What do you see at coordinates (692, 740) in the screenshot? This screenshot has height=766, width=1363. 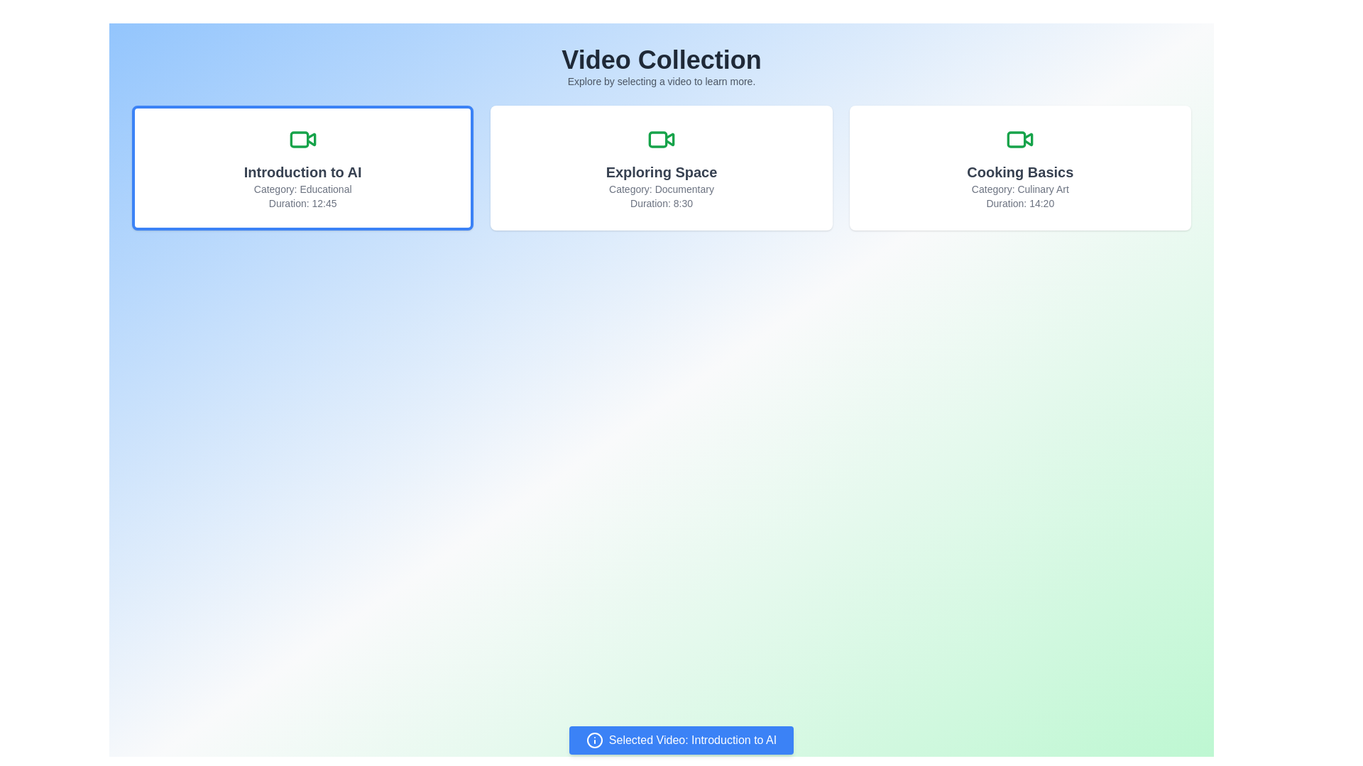 I see `the text label displaying information about the currently selected video, located at the bottom-center of the interface within a blue bar` at bounding box center [692, 740].